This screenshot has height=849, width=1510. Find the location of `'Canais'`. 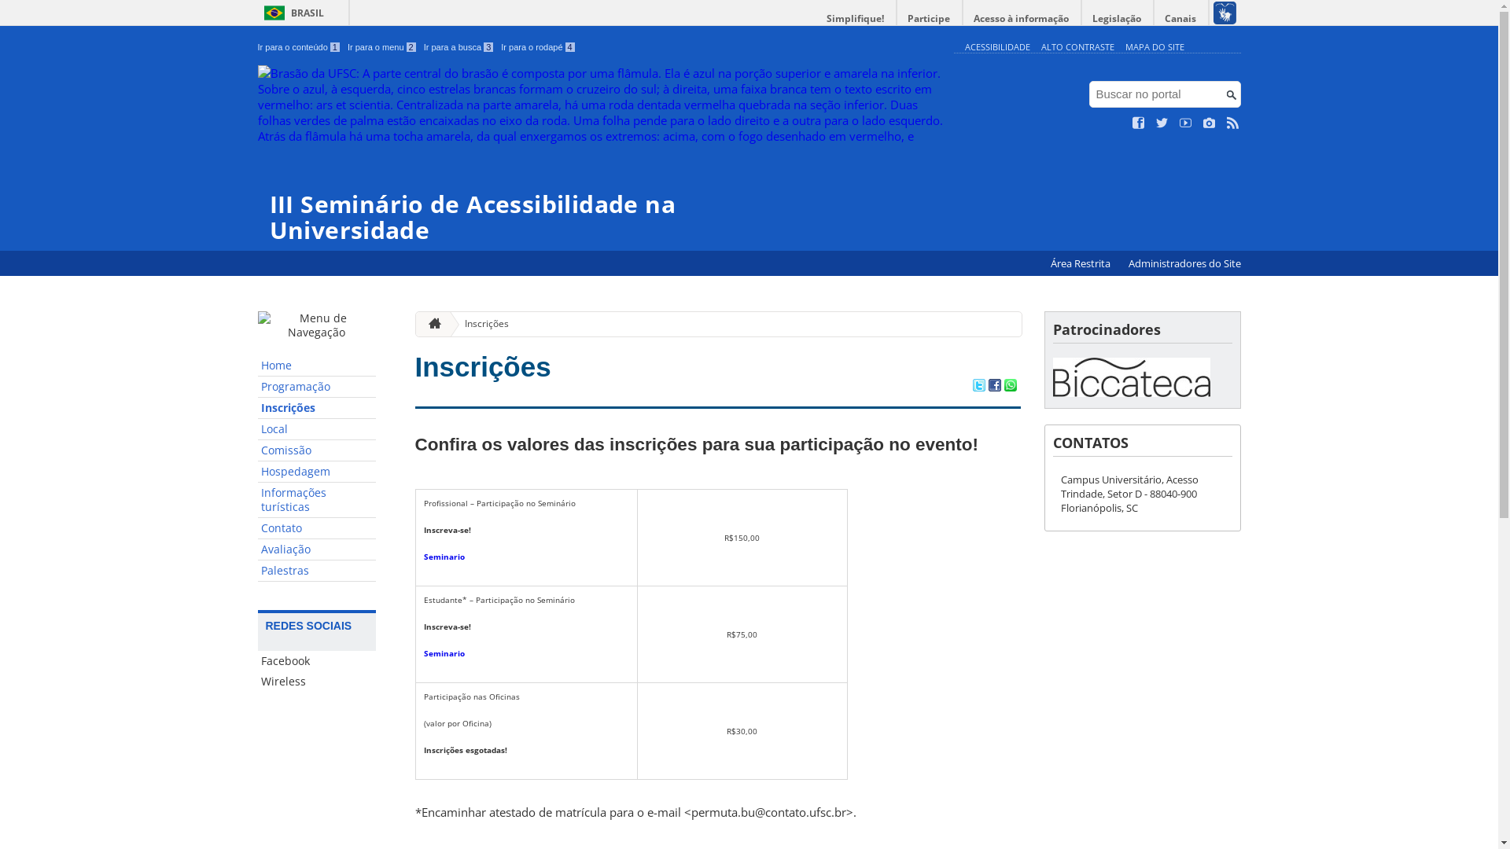

'Canais' is located at coordinates (1181, 18).